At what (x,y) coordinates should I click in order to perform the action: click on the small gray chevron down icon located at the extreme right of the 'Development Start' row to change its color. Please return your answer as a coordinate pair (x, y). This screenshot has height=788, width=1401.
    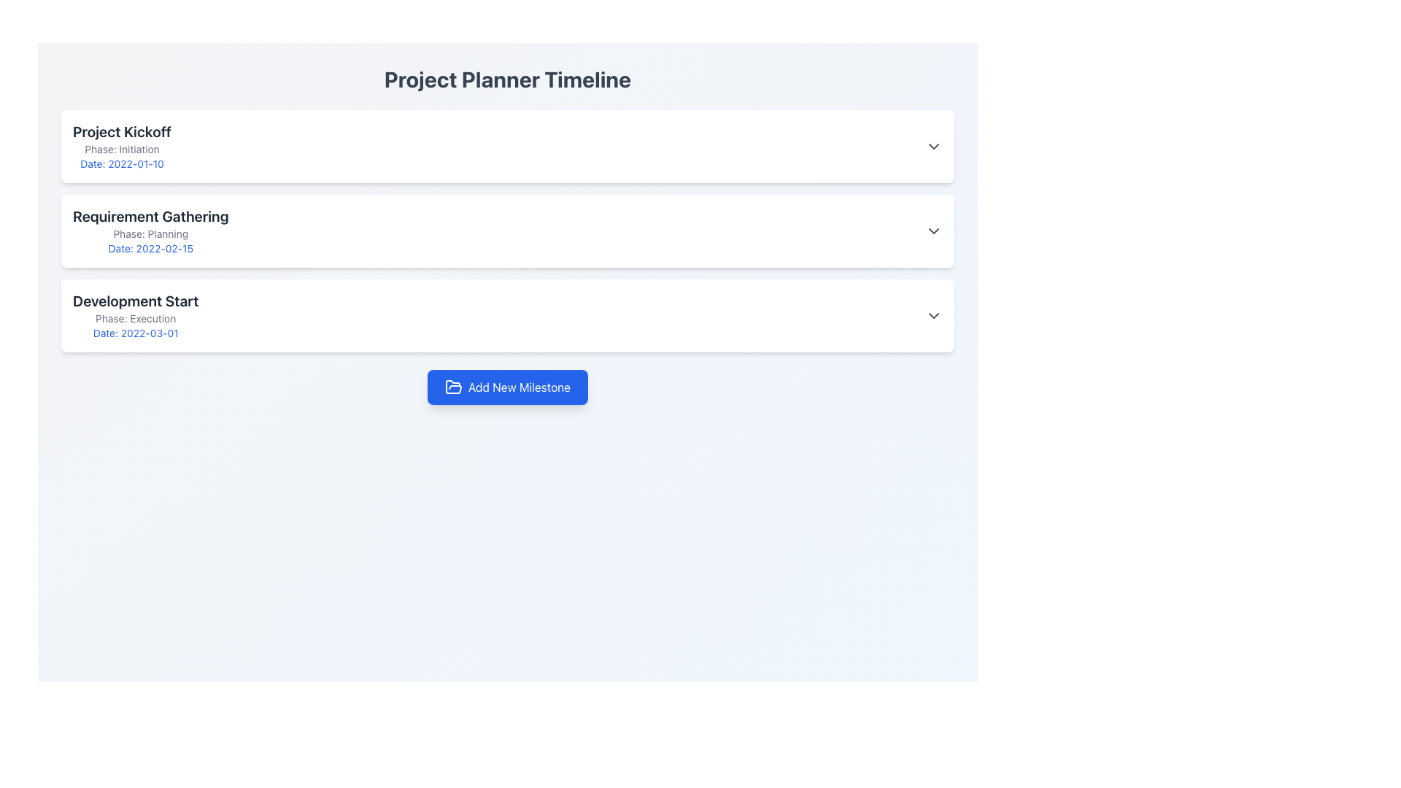
    Looking at the image, I should click on (934, 314).